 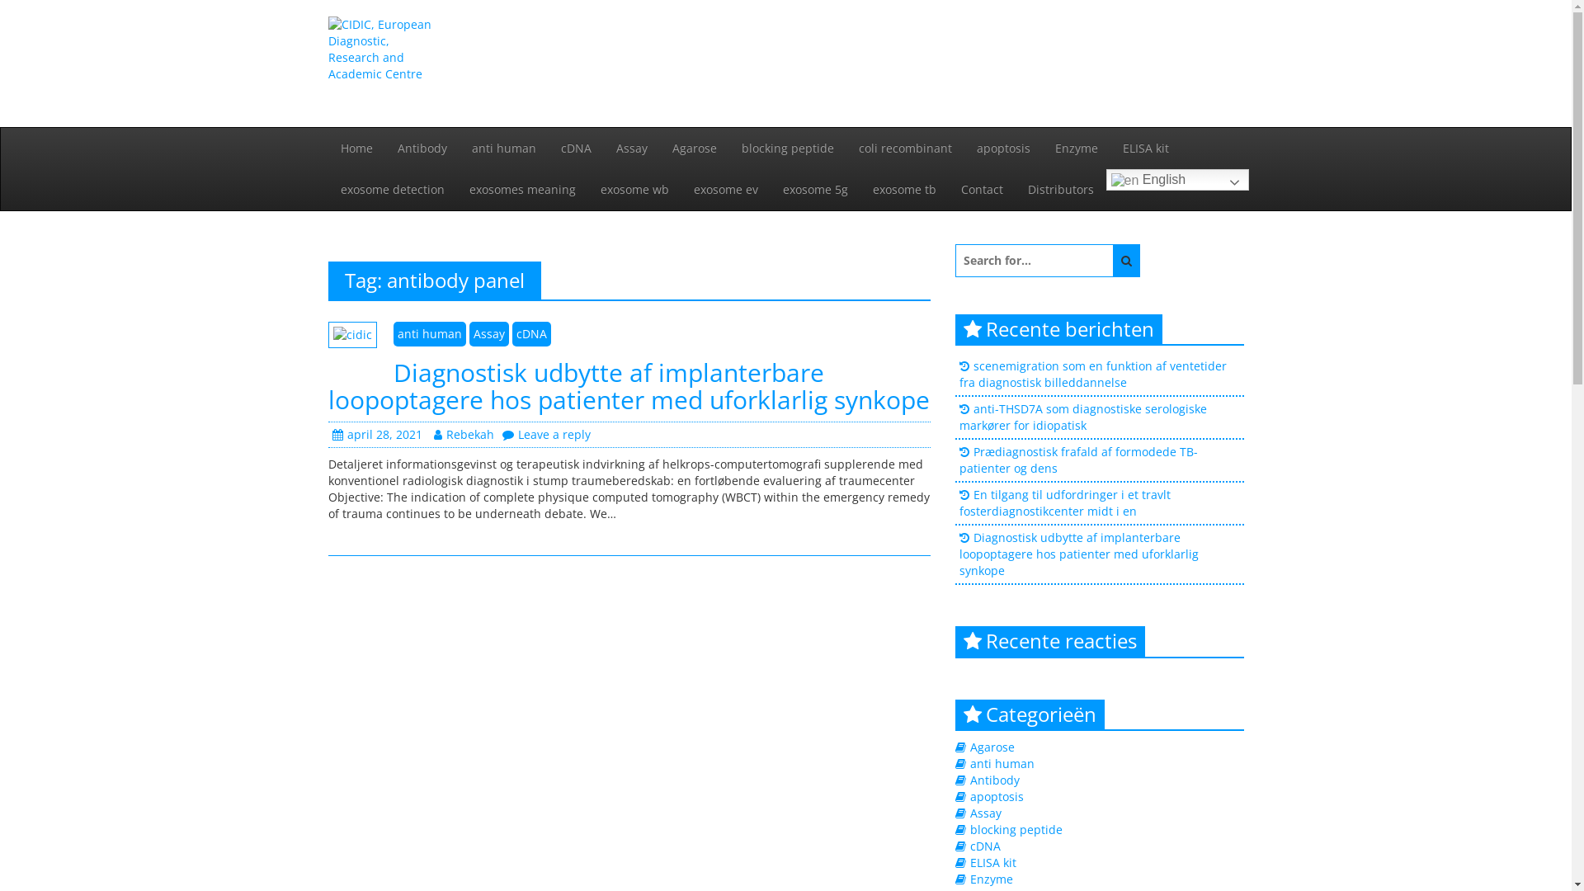 I want to click on 'exosome 5g', so click(x=815, y=189).